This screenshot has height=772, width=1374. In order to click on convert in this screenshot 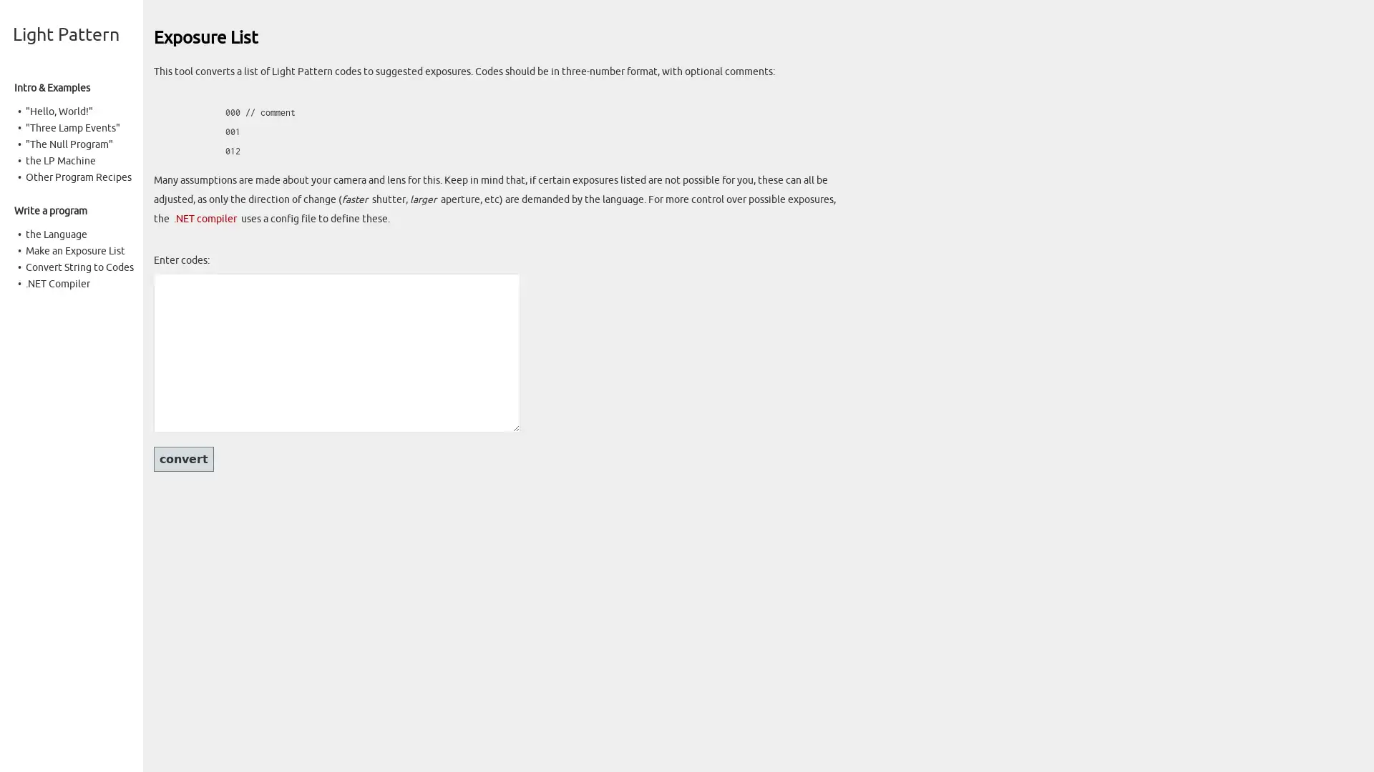, I will do `click(183, 458)`.